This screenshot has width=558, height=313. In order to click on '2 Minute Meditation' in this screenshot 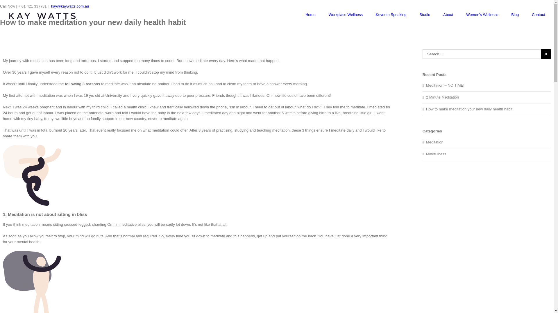, I will do `click(442, 97)`.